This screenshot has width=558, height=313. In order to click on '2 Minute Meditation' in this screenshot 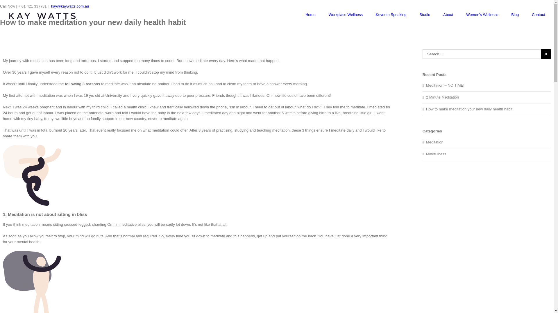, I will do `click(442, 97)`.